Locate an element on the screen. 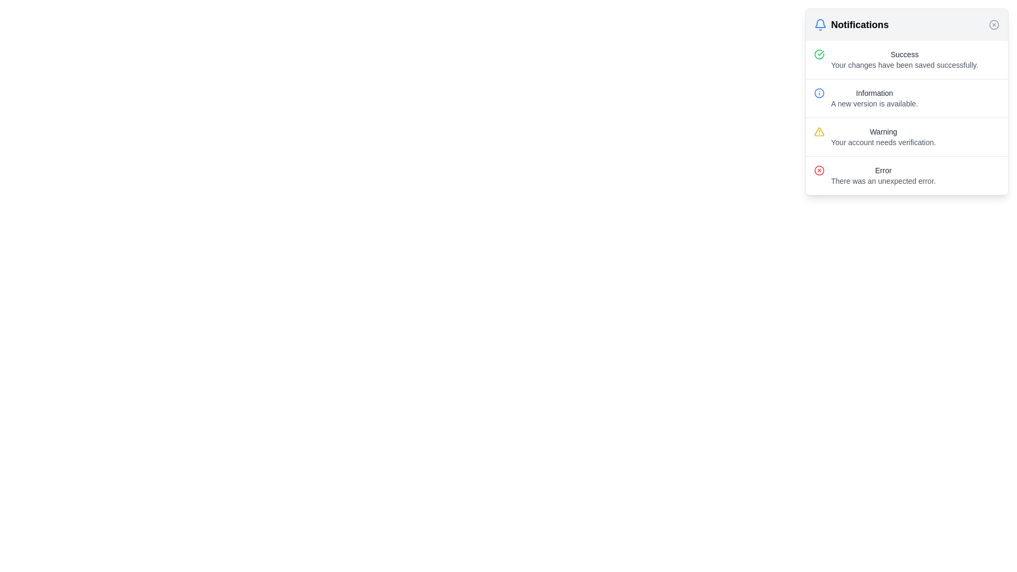  the notification message titled 'Success' that indicates 'Your changes have been saved successfully.' is located at coordinates (904, 59).